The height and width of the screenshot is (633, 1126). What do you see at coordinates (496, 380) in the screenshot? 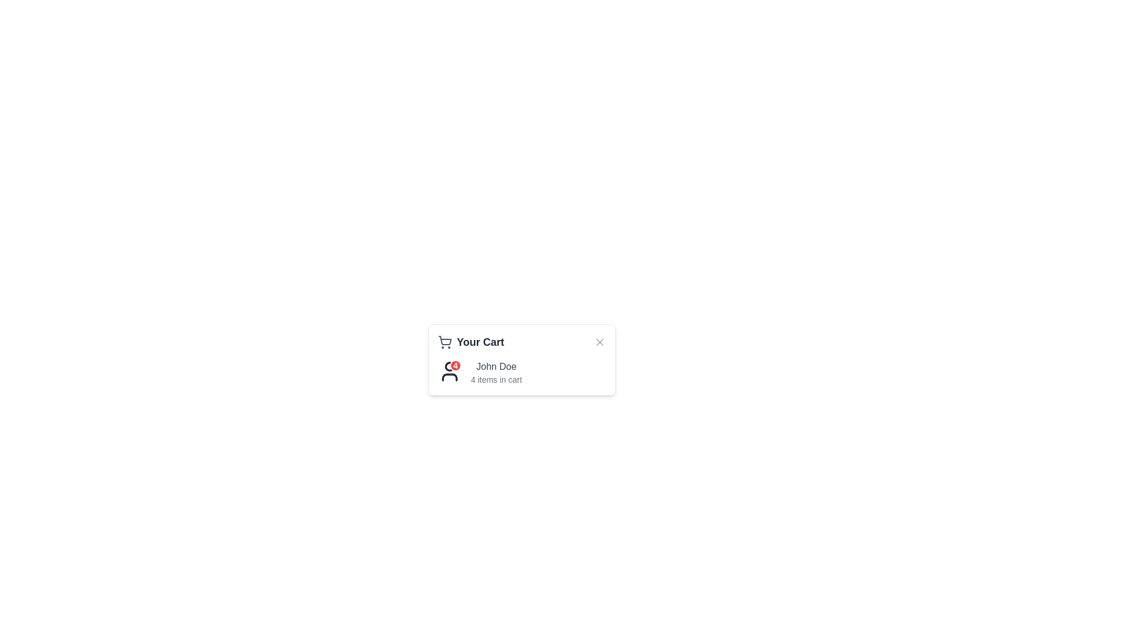
I see `text label indicating the number of items currently in the user's shopping cart, which is located under the title 'Your Cart' in the compact card layout` at bounding box center [496, 380].